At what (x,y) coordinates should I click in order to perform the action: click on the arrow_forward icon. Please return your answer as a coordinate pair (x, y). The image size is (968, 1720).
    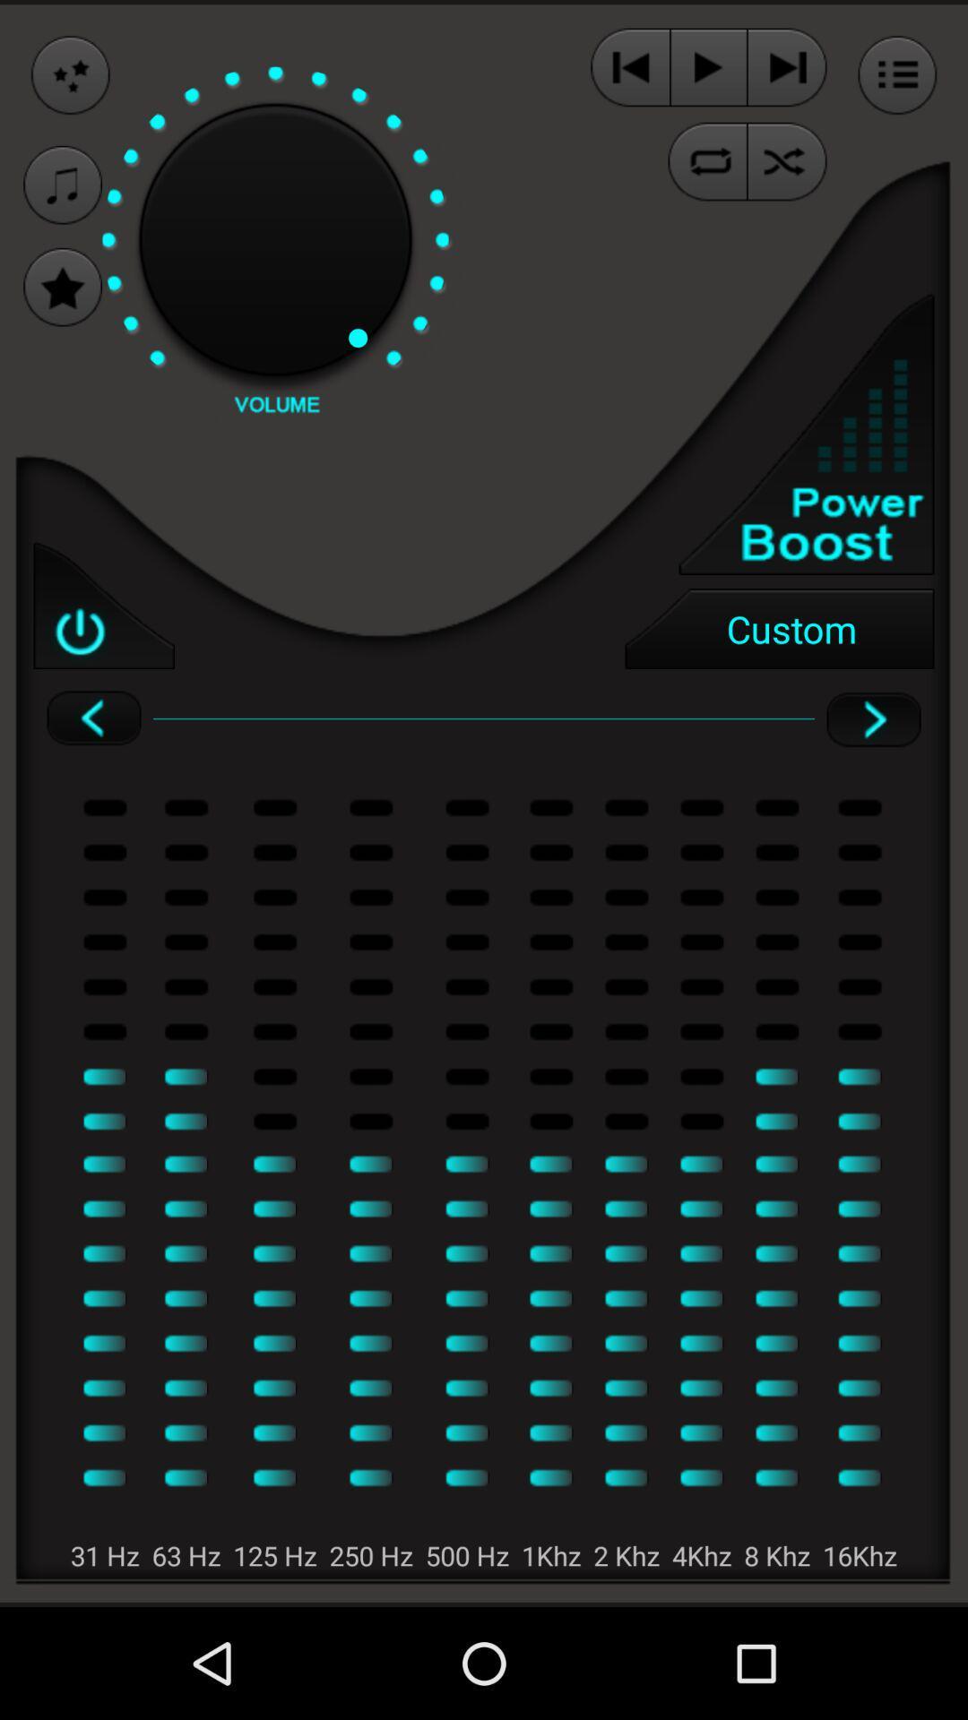
    Looking at the image, I should click on (873, 769).